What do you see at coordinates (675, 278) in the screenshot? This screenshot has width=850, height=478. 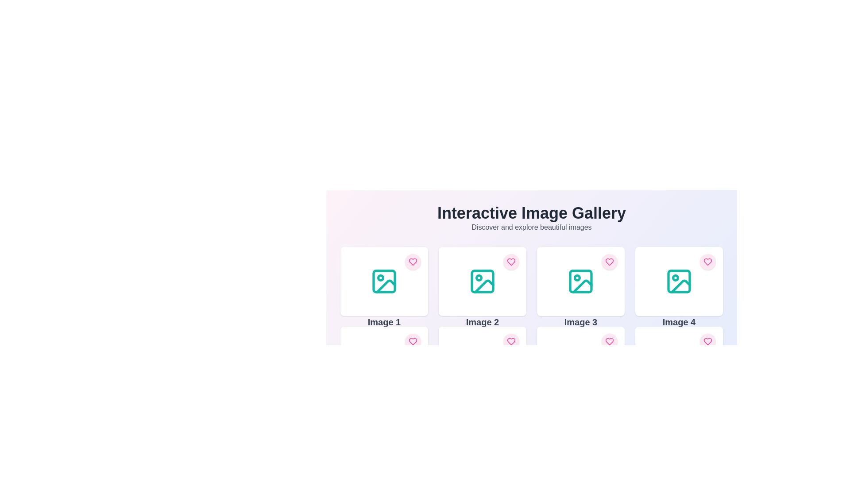 I see `the teal circle graphical decoration located within the 'Image 4' icon in the interactive gallery` at bounding box center [675, 278].